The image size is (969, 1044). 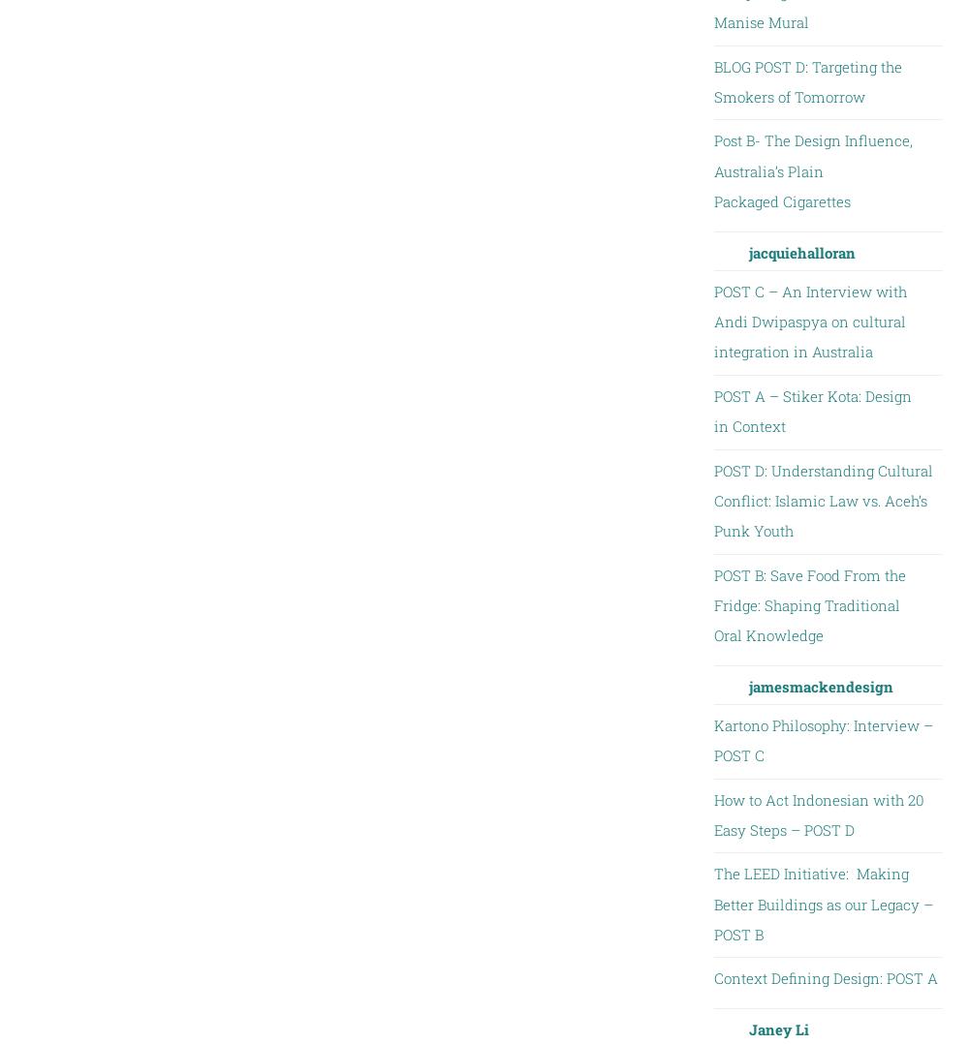 I want to click on 'The LEED Initiative:  Making Better Buildings as our Legacy – POST B', so click(x=712, y=903).